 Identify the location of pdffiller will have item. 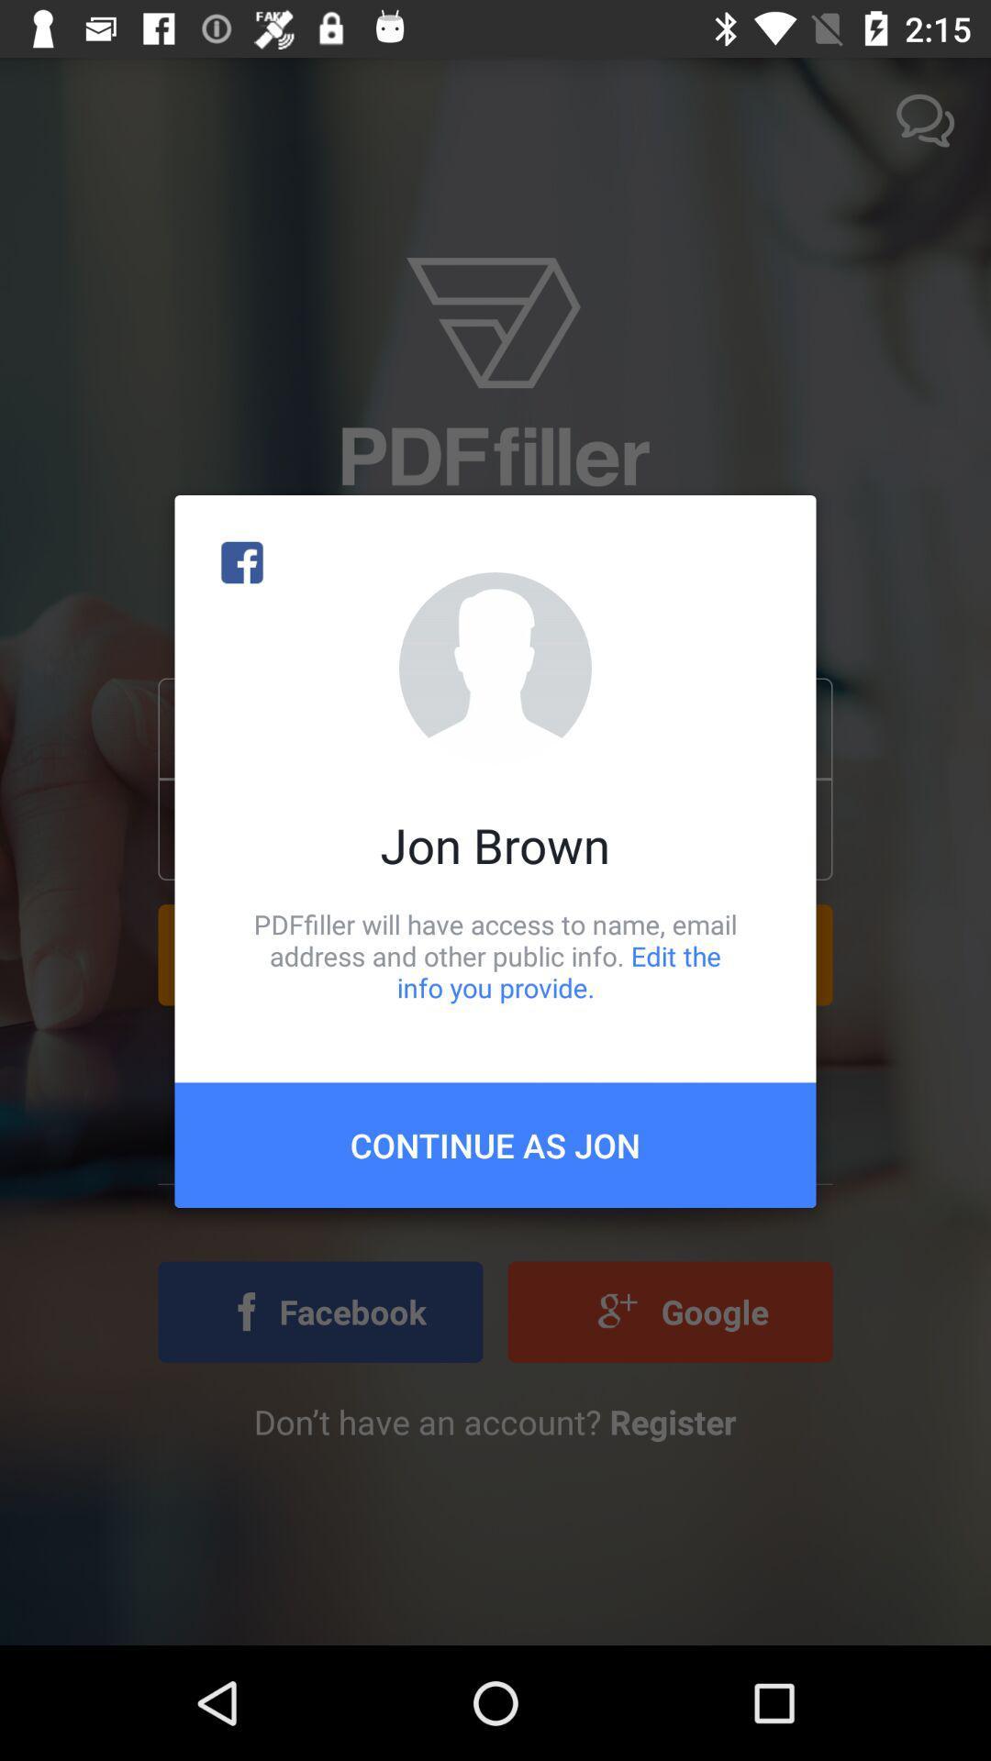
(495, 955).